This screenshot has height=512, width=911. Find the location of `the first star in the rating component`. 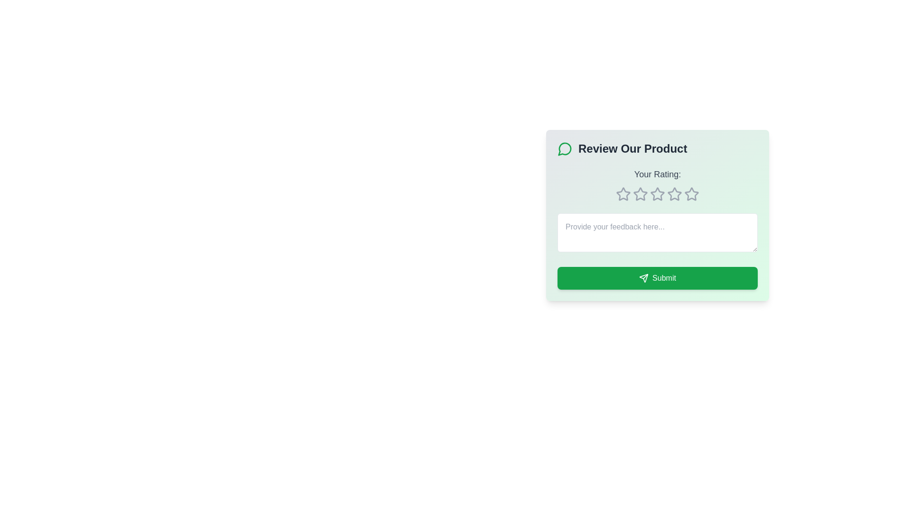

the first star in the rating component is located at coordinates (623, 193).